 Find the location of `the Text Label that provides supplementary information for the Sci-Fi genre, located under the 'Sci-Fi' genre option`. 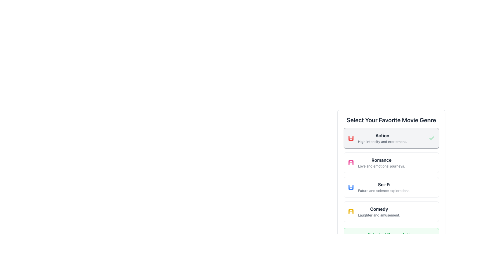

the Text Label that provides supplementary information for the Sci-Fi genre, located under the 'Sci-Fi' genre option is located at coordinates (384, 191).